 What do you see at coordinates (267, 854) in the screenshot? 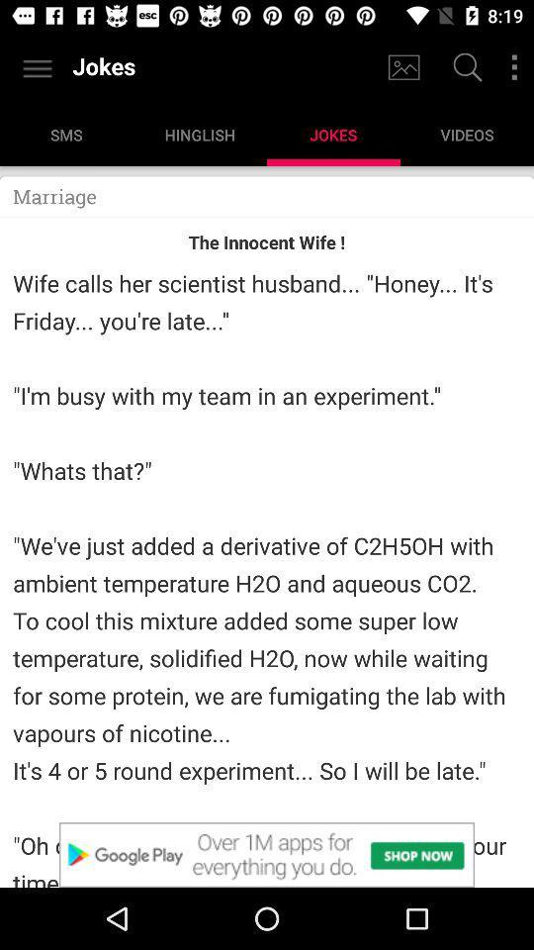
I see `advertisement` at bounding box center [267, 854].